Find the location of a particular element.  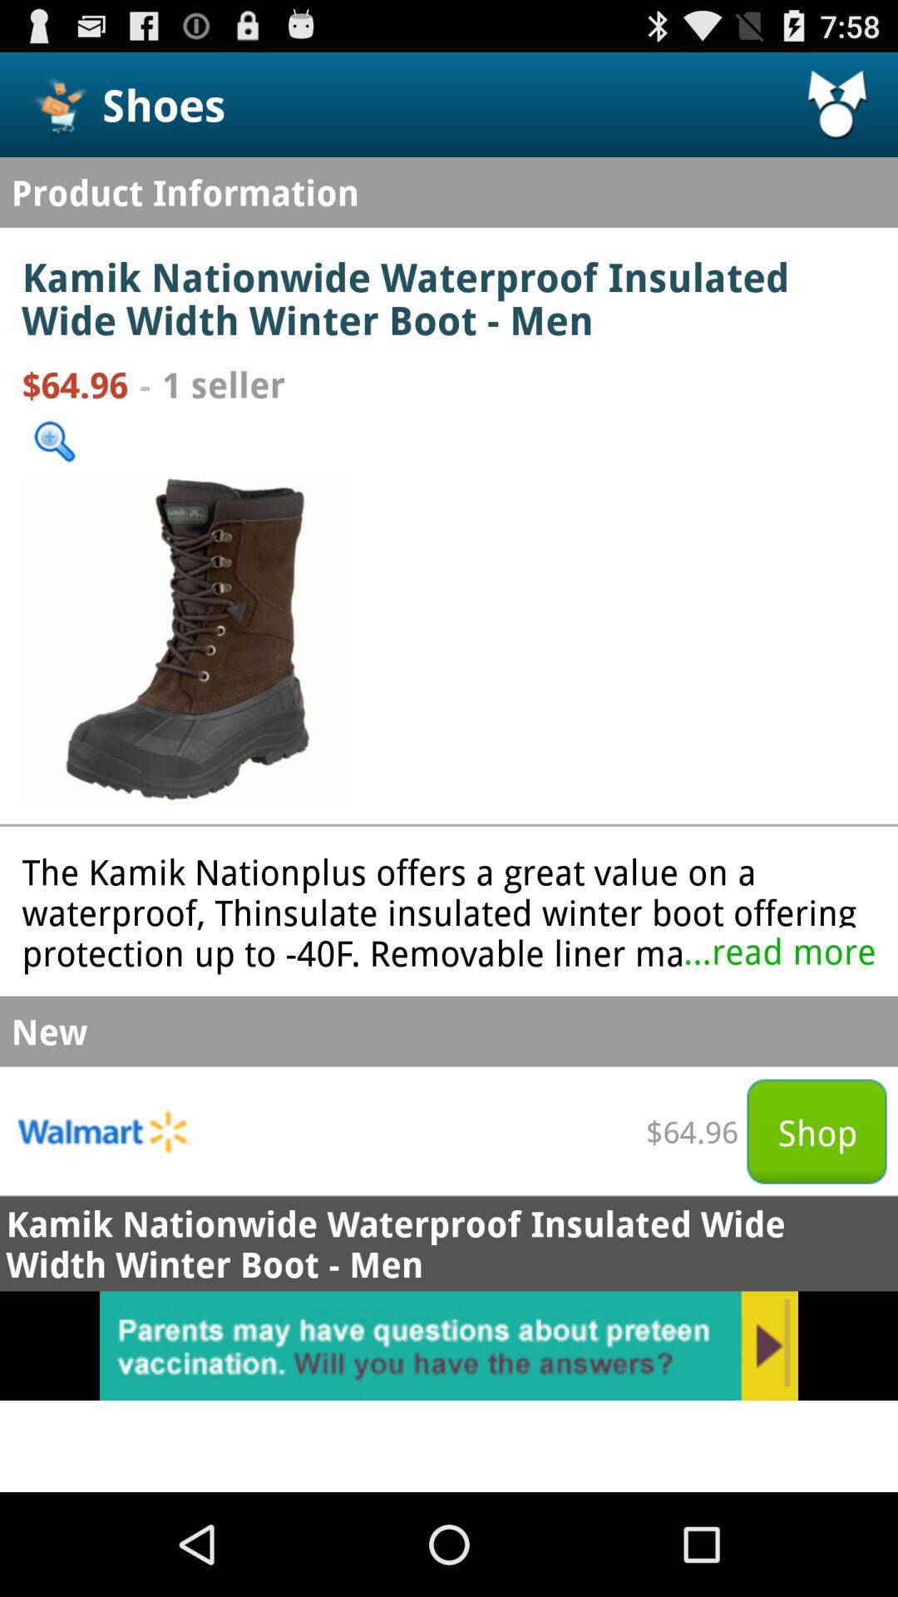

the search icon is located at coordinates (53, 472).